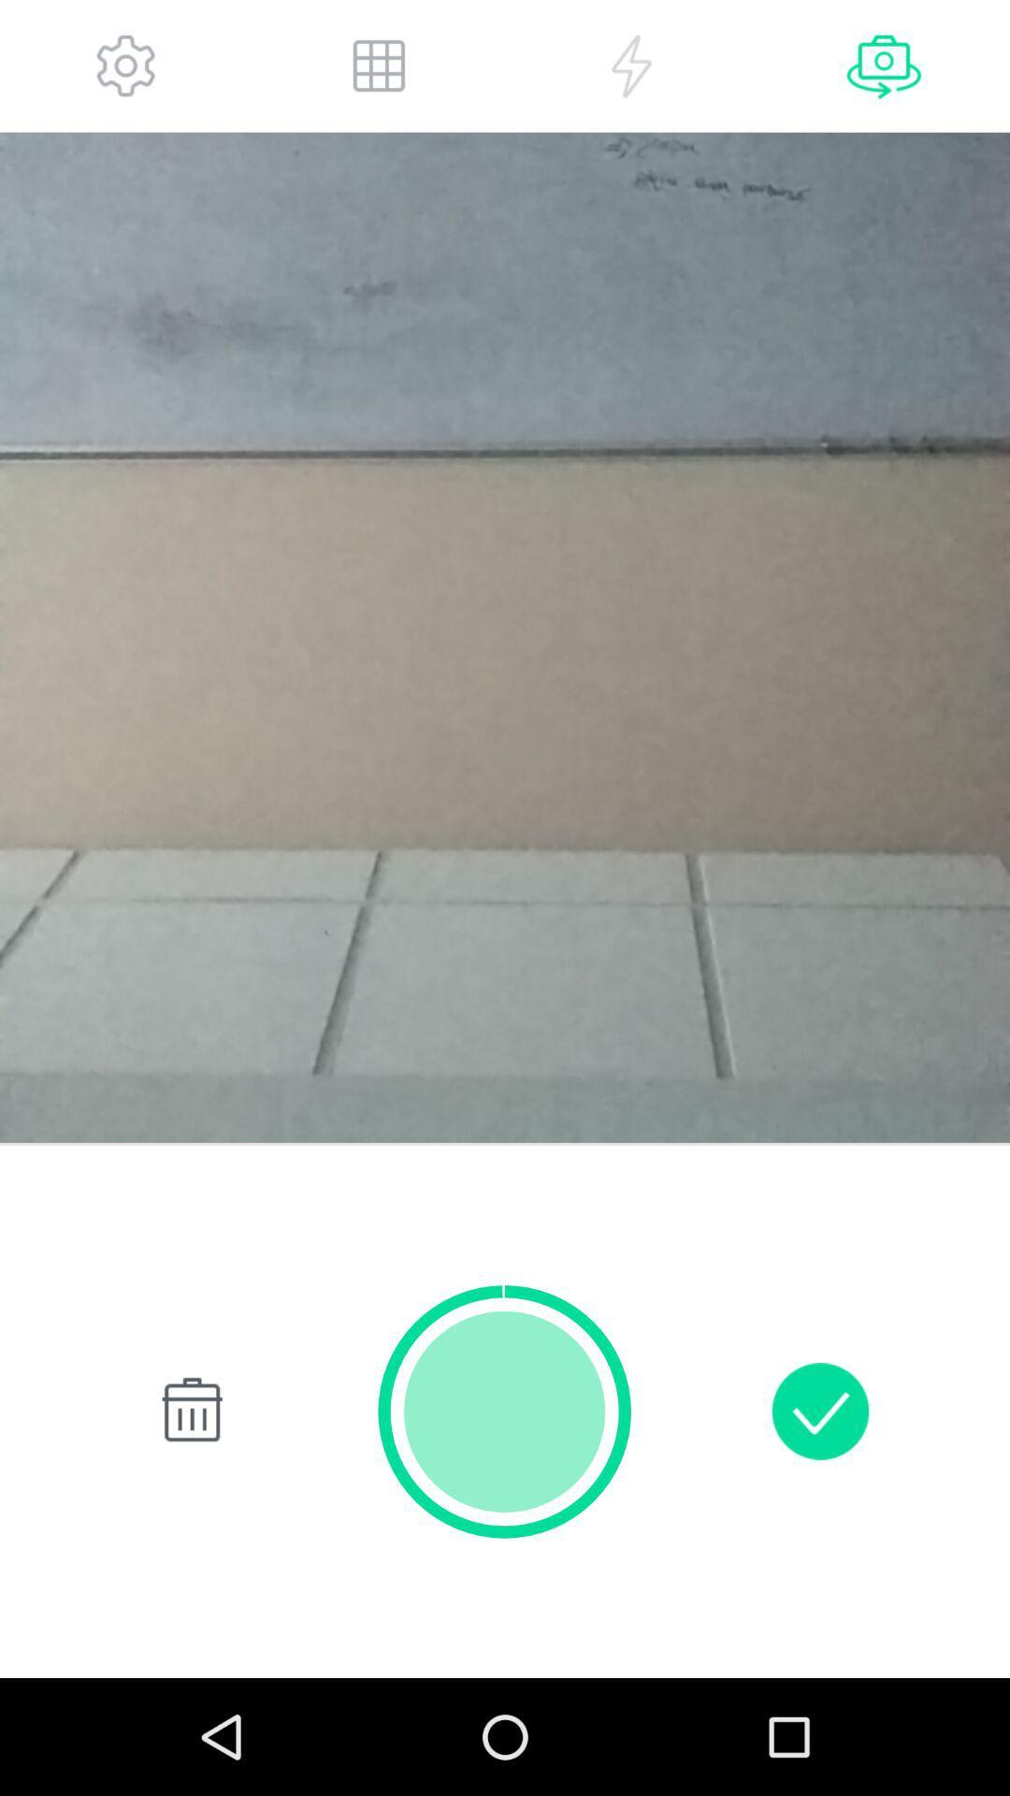 Image resolution: width=1010 pixels, height=1796 pixels. What do you see at coordinates (884, 65) in the screenshot?
I see `switch camera` at bounding box center [884, 65].